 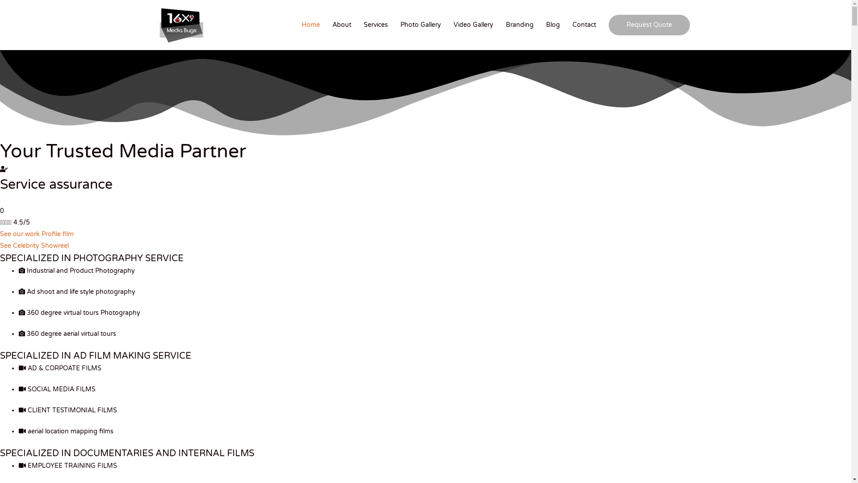 I want to click on 'Blog', so click(x=552, y=25).